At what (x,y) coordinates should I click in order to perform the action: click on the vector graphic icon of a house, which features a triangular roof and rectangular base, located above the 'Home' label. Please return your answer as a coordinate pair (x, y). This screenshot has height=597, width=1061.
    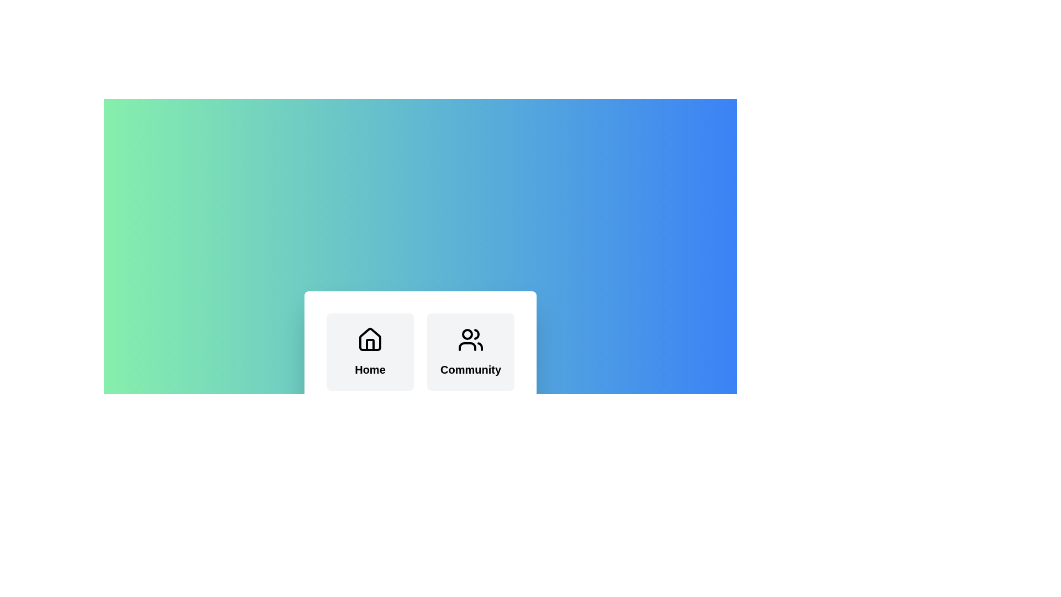
    Looking at the image, I should click on (370, 338).